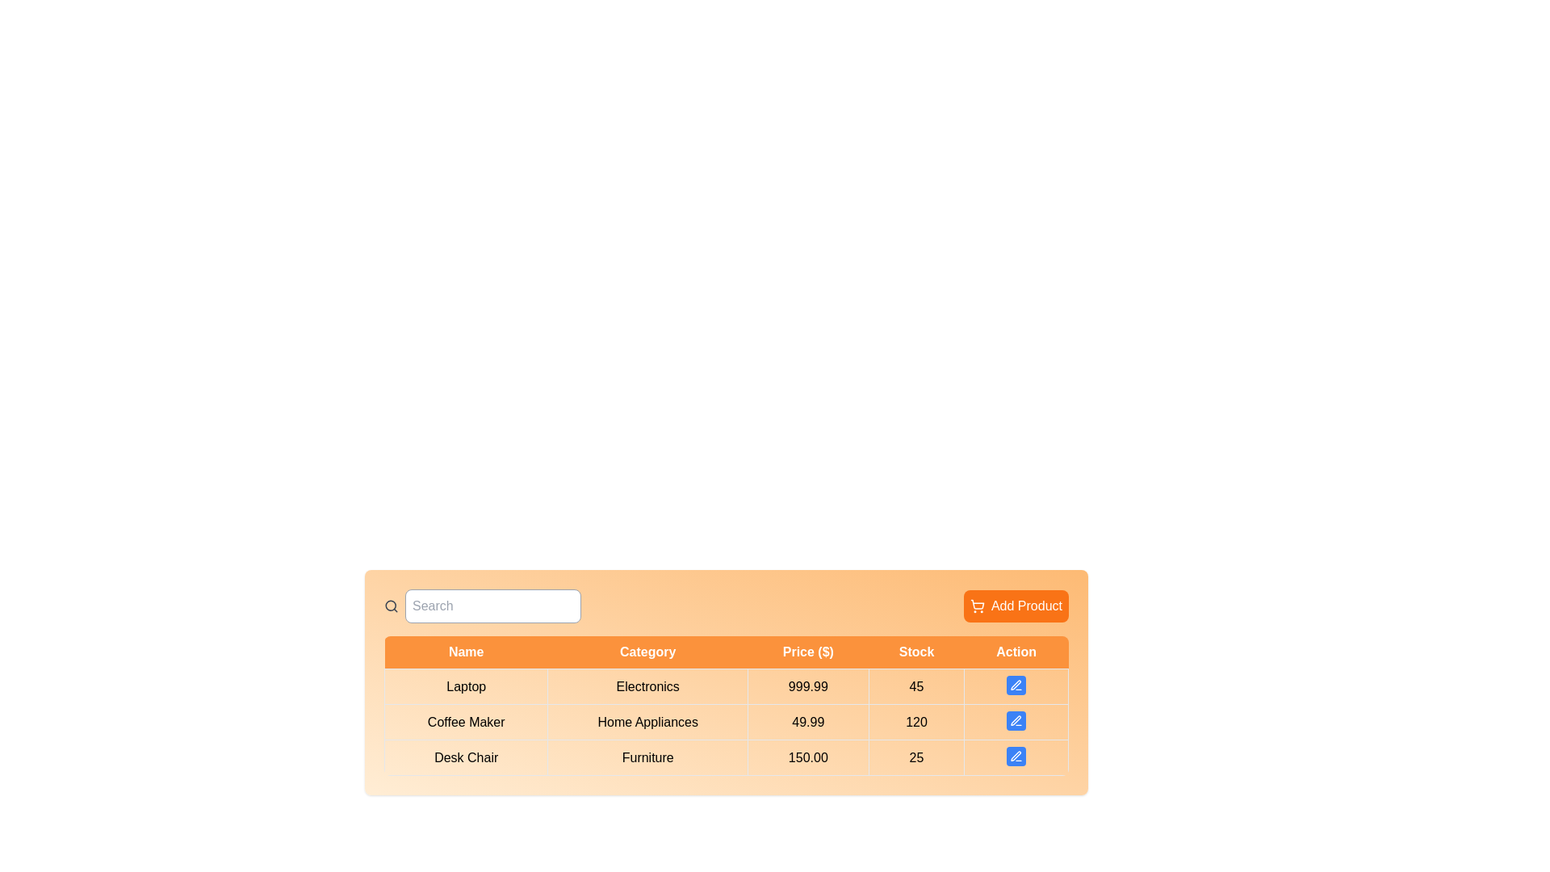 The image size is (1550, 872). What do you see at coordinates (808, 652) in the screenshot?
I see `the text-based header element displaying 'Price ($)' with an orange background, located in the center of the table header row` at bounding box center [808, 652].